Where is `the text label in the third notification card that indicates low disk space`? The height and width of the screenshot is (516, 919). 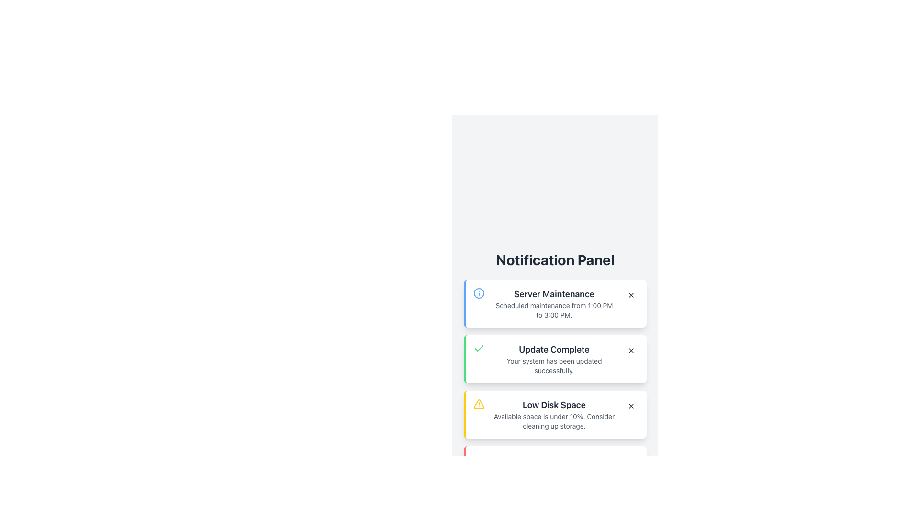
the text label in the third notification card that indicates low disk space is located at coordinates (554, 405).